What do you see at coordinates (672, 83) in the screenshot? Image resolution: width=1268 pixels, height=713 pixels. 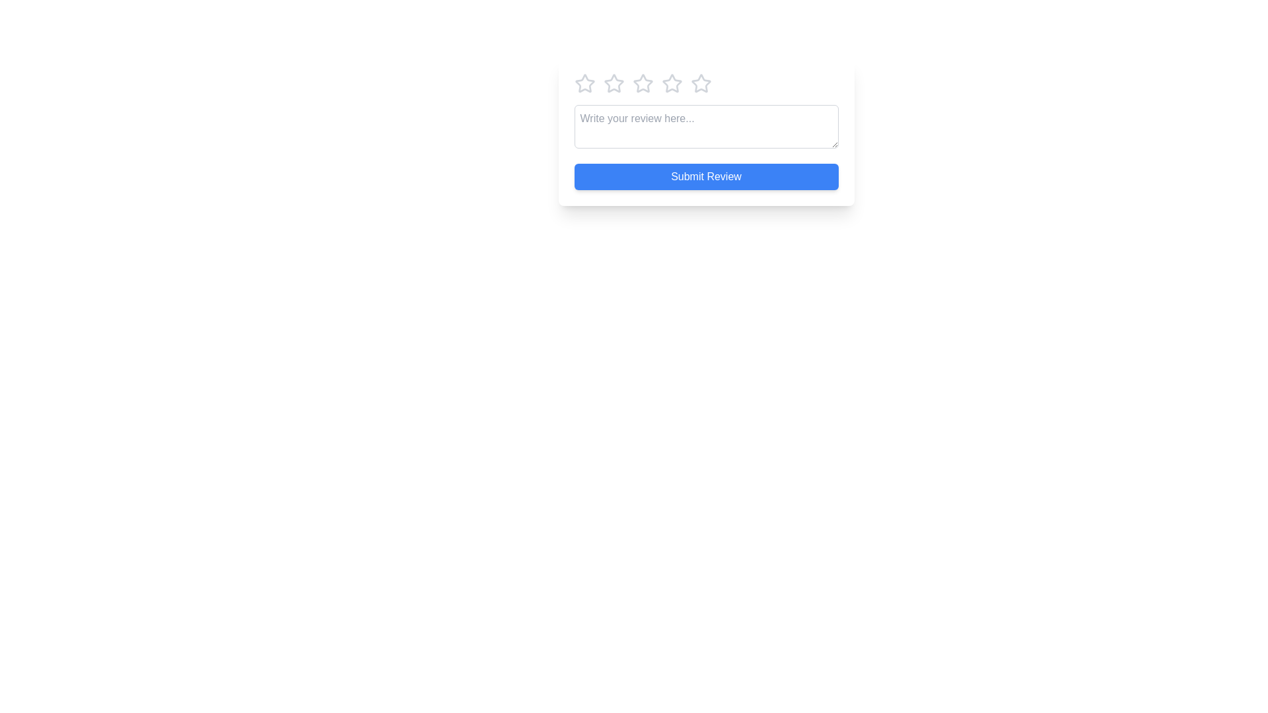 I see `the second star in the row of five stars` at bounding box center [672, 83].